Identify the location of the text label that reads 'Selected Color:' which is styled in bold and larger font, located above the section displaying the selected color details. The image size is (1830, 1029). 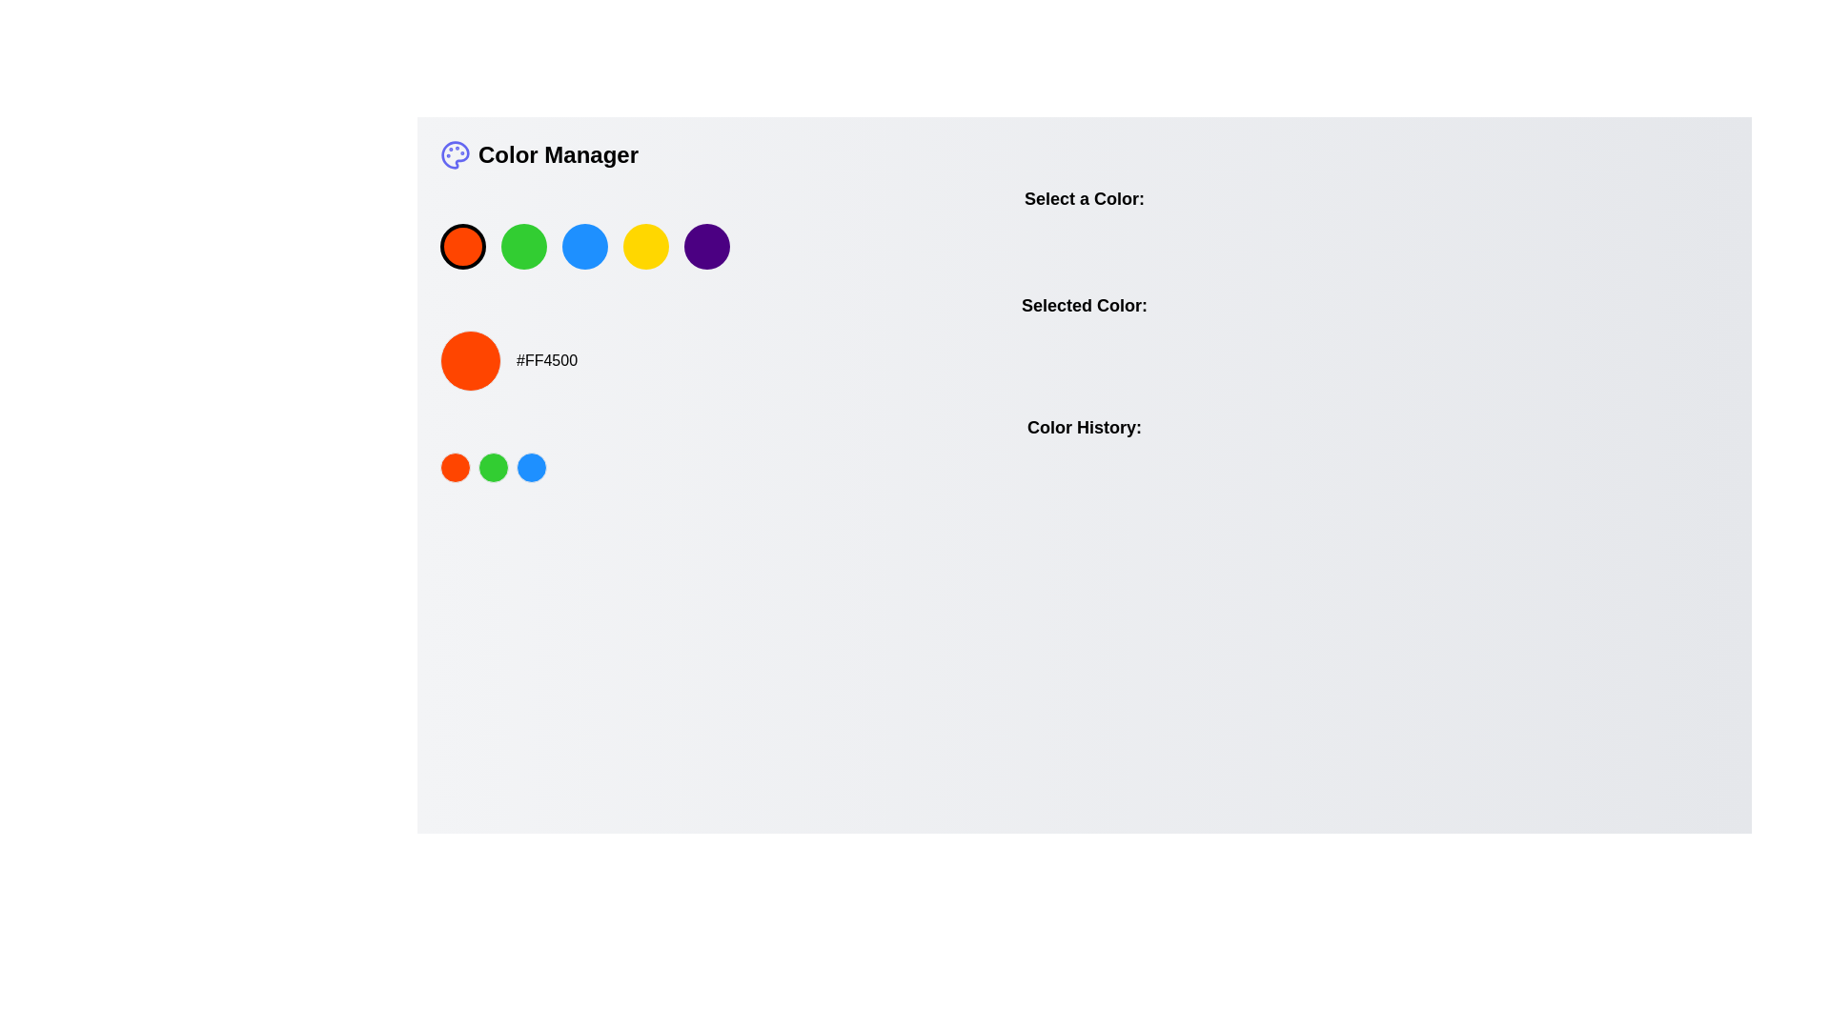
(1084, 304).